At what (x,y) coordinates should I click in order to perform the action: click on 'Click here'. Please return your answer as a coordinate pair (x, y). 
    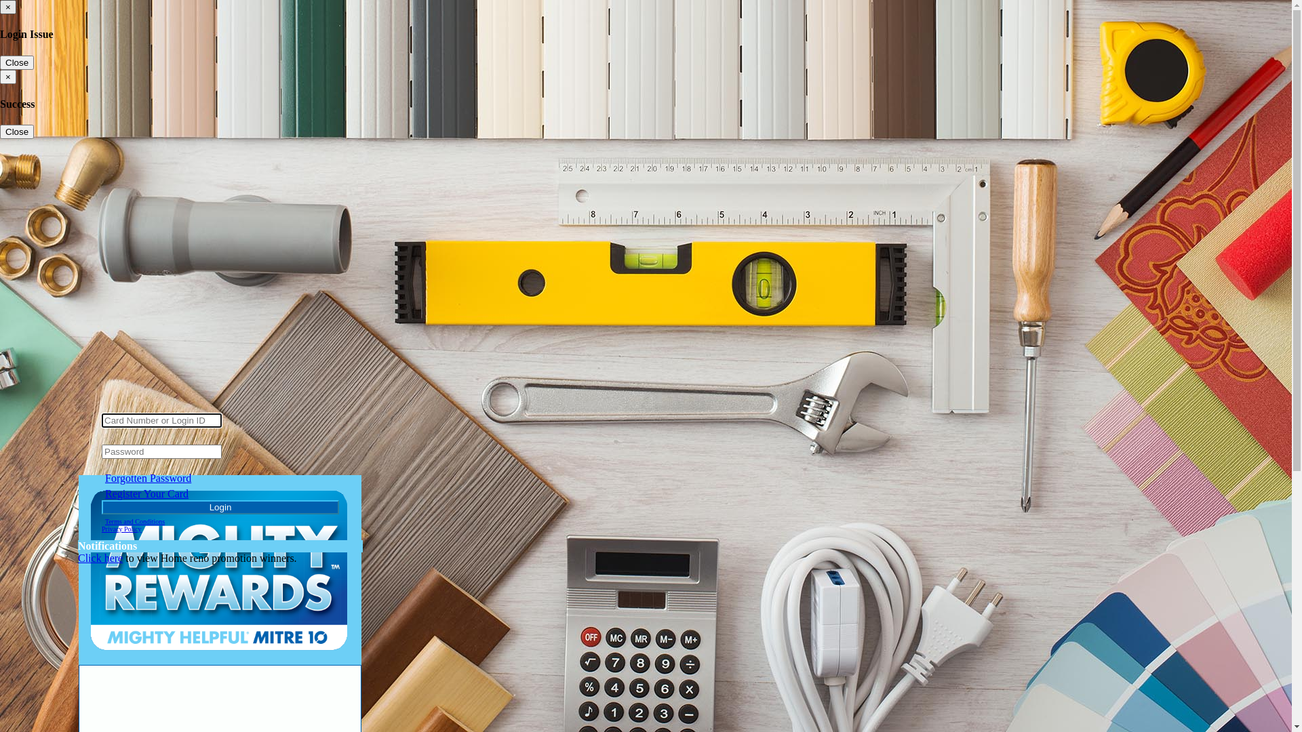
    Looking at the image, I should click on (100, 558).